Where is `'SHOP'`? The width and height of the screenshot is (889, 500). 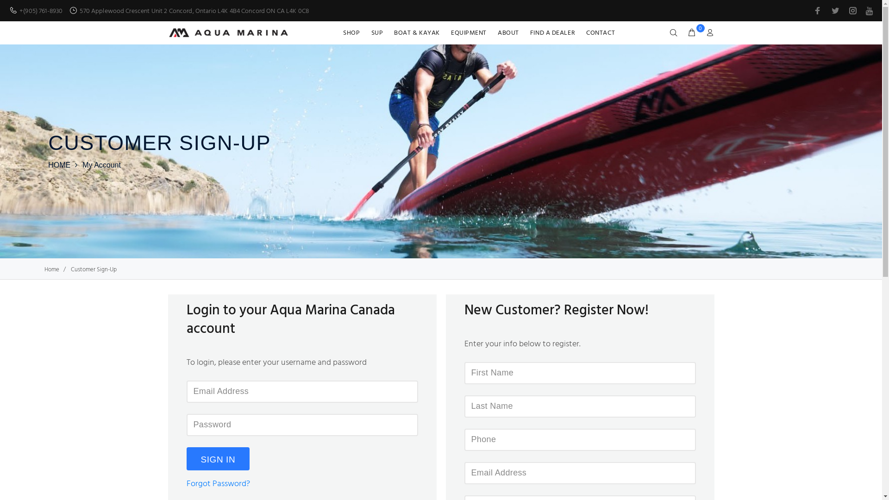 'SHOP' is located at coordinates (353, 32).